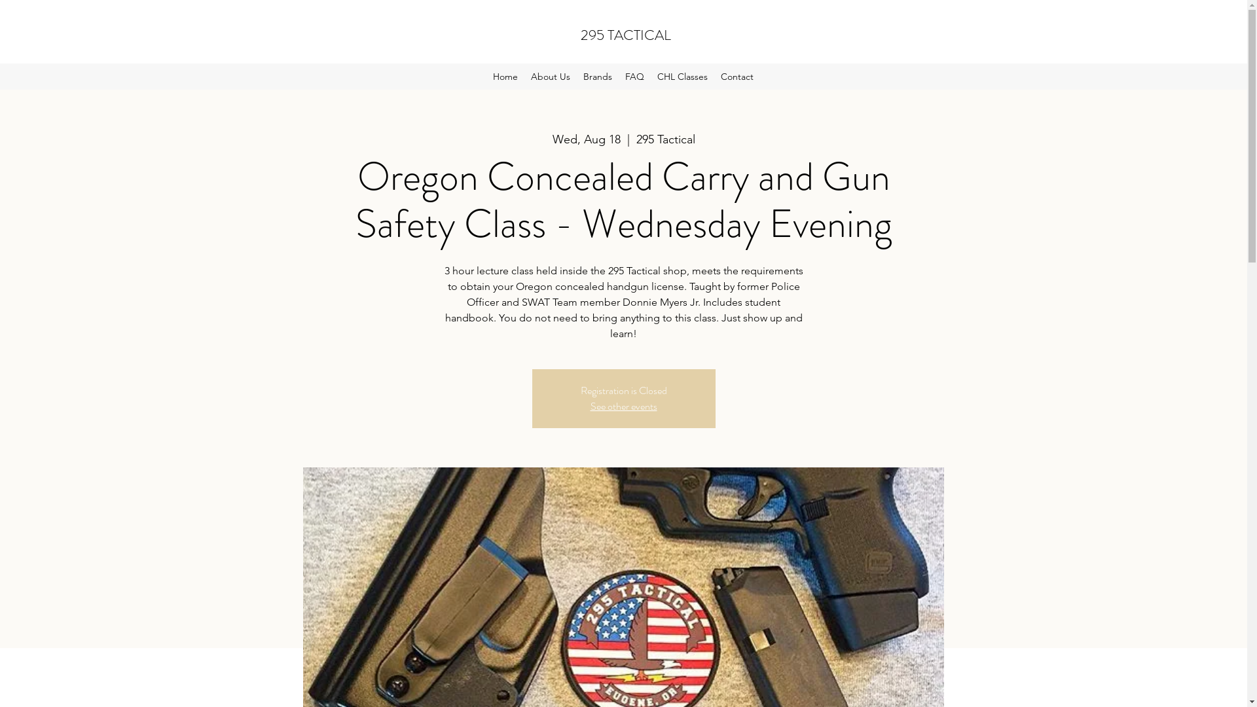 This screenshot has height=707, width=1257. What do you see at coordinates (737, 76) in the screenshot?
I see `'Contact'` at bounding box center [737, 76].